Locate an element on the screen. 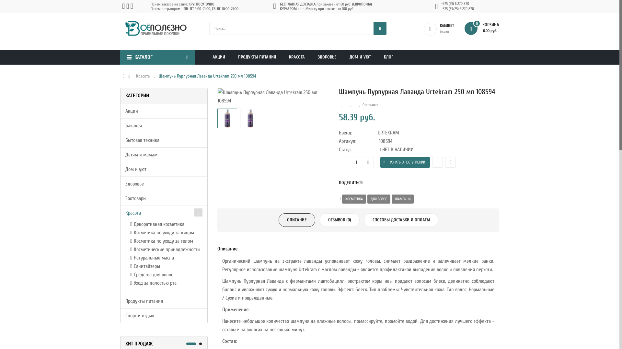  '+375 (33/25) 6 270 870' is located at coordinates (457, 9).